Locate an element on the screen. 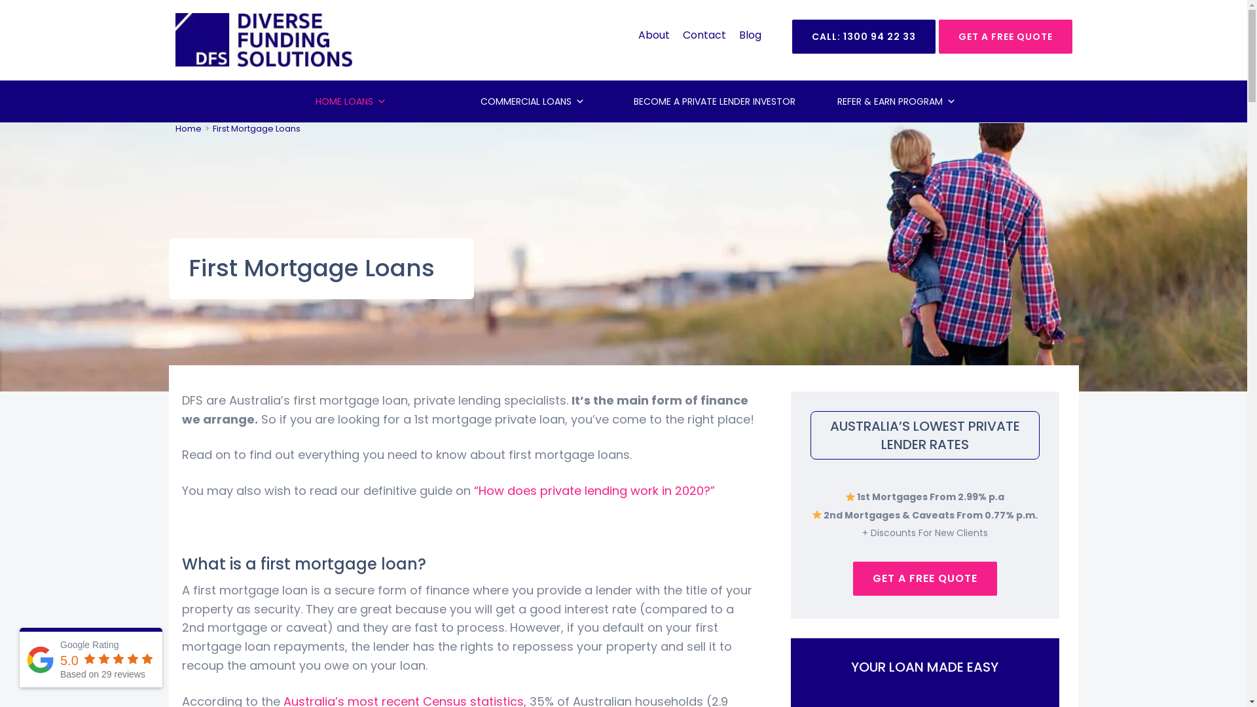 The width and height of the screenshot is (1257, 707). 'BECOME A PRIVATE LENDER INVESTOR' is located at coordinates (713, 100).